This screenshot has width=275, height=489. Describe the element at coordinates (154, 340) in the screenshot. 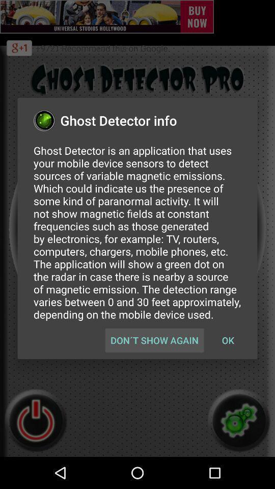

I see `the icon next to ok button` at that location.